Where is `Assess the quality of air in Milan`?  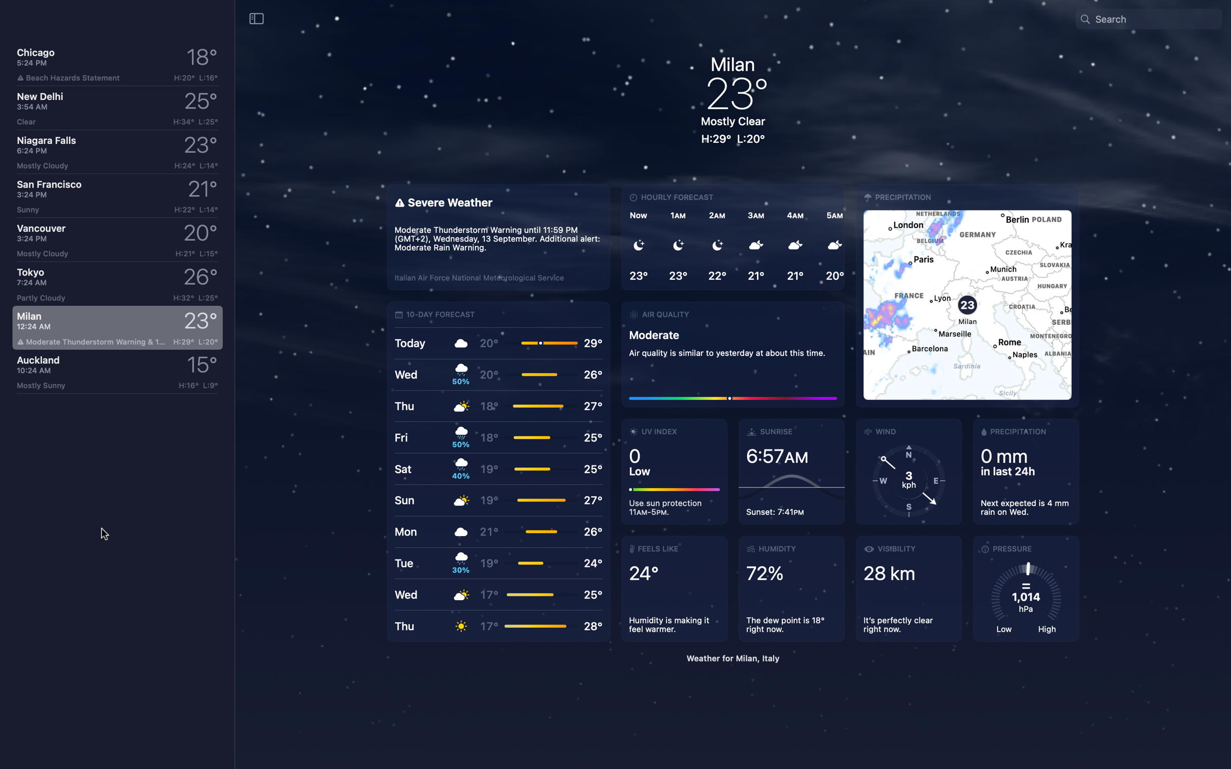 Assess the quality of air in Milan is located at coordinates (732, 352).